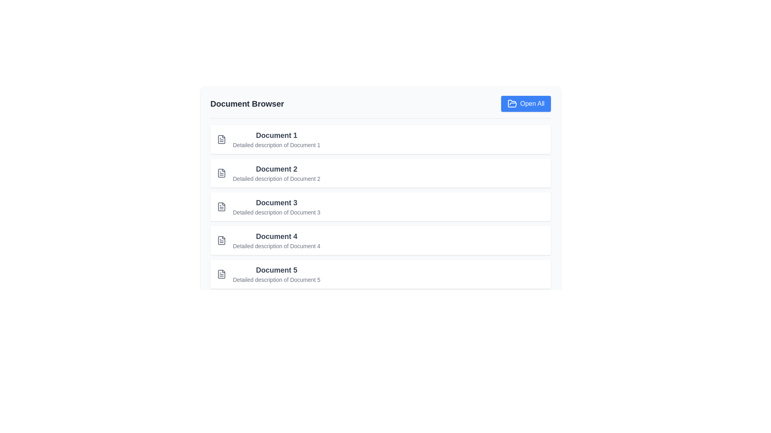 This screenshot has width=771, height=433. What do you see at coordinates (276, 145) in the screenshot?
I see `the static text label providing additional details for 'Document 1', located directly beneath the document title in the list` at bounding box center [276, 145].